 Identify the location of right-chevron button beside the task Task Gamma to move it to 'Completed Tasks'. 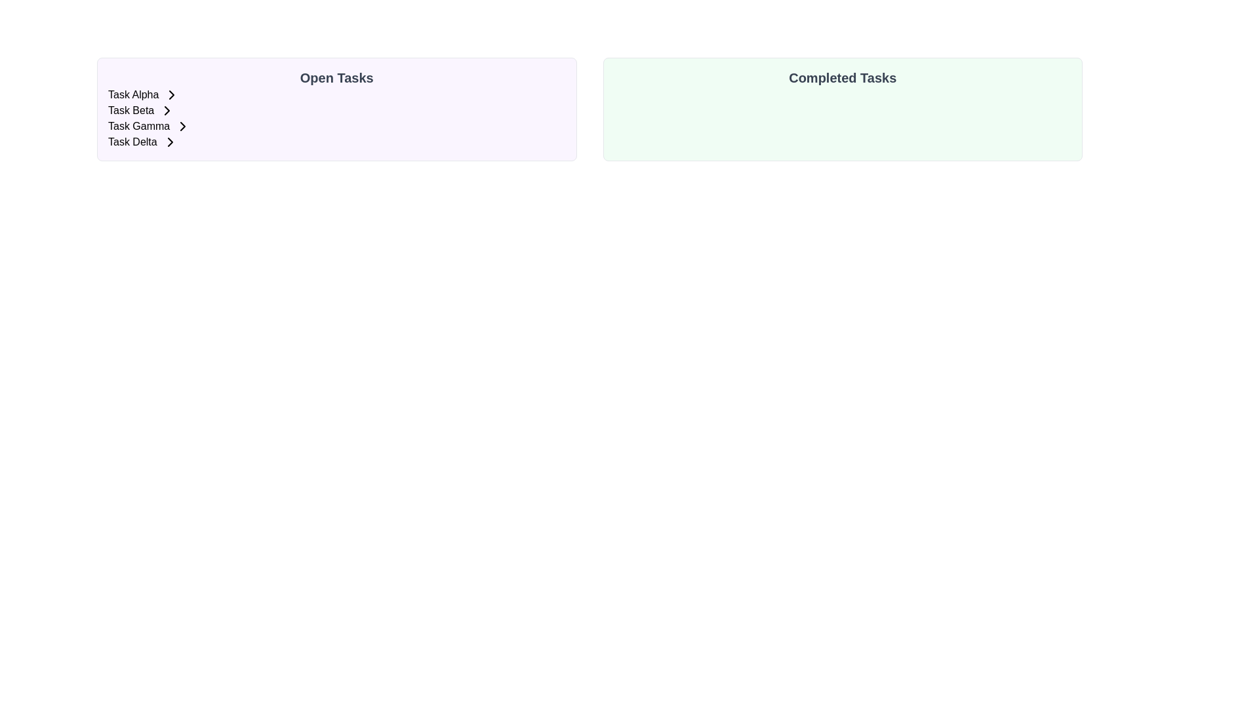
(182, 126).